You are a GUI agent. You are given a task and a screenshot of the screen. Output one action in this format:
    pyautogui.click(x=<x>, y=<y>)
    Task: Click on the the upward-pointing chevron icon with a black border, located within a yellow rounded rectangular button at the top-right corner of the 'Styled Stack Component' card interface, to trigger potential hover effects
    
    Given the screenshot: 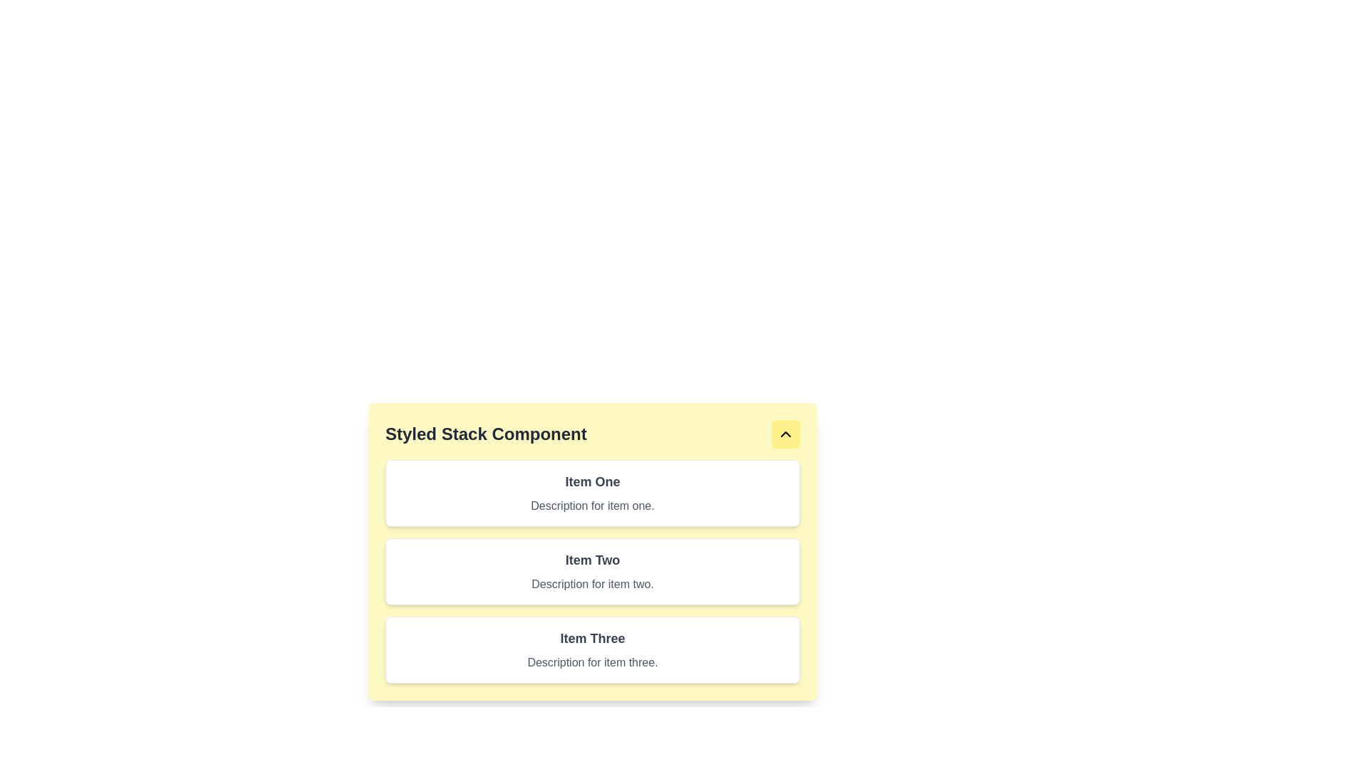 What is the action you would take?
    pyautogui.click(x=785, y=433)
    